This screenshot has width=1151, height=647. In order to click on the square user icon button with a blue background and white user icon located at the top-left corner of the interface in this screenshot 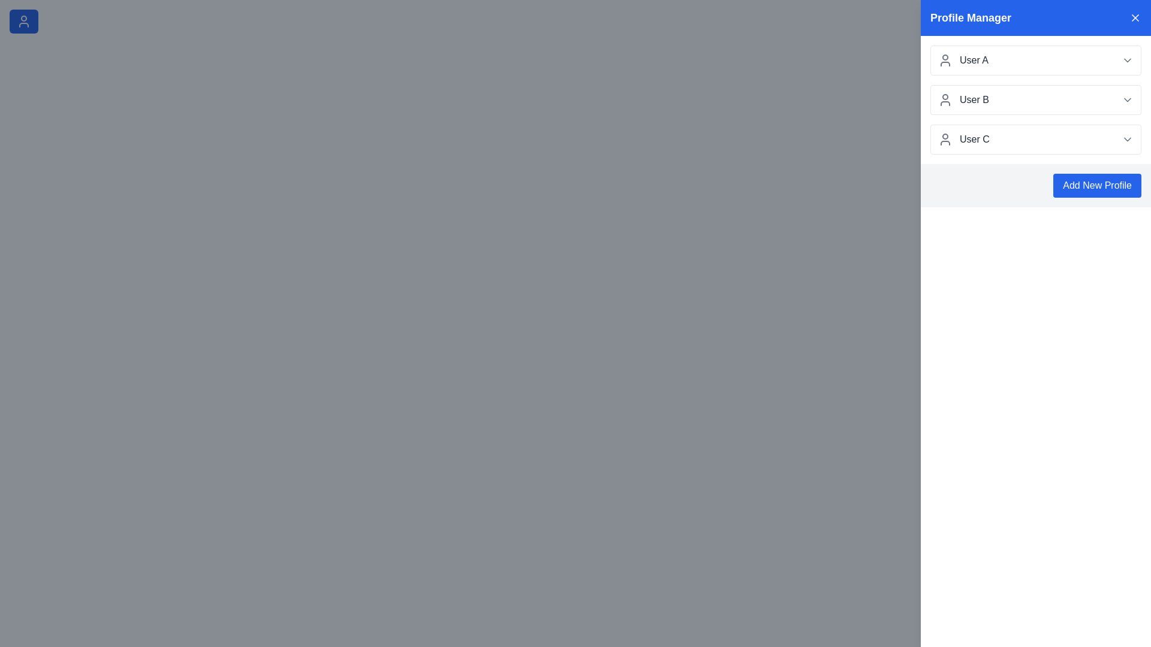, I will do `click(23, 21)`.